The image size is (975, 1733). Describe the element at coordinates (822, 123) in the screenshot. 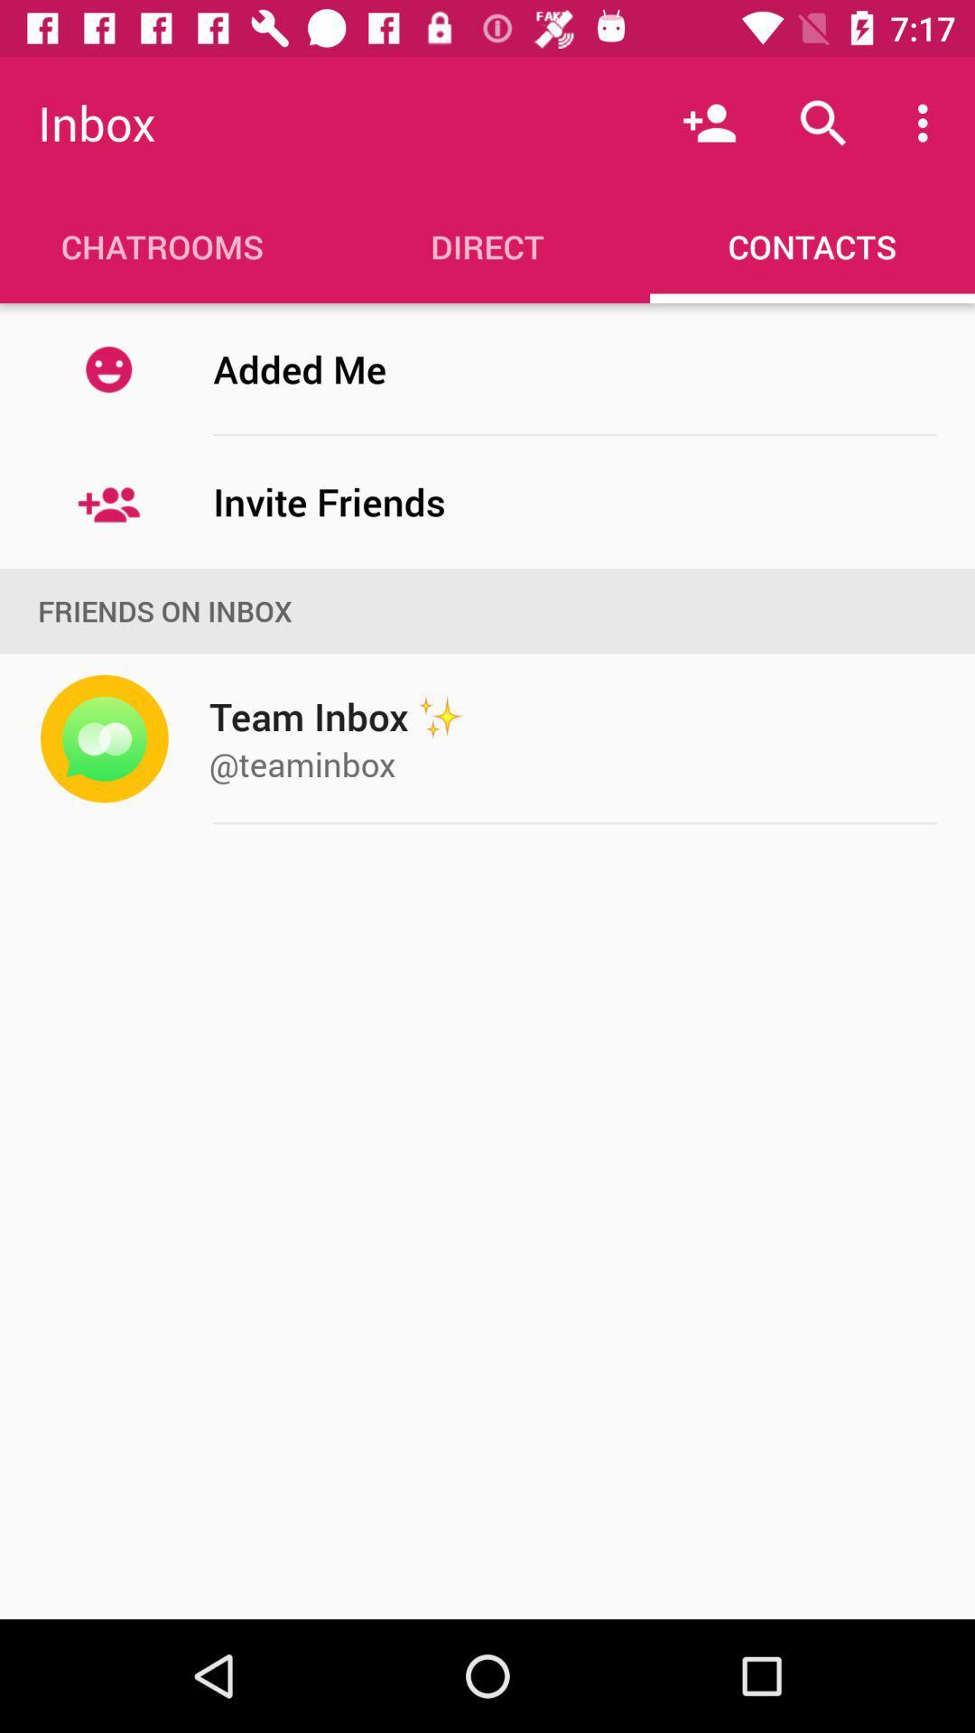

I see `the search icon` at that location.